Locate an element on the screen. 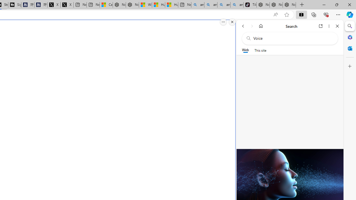 This screenshot has width=356, height=200. 'amazon - Search' is located at coordinates (210, 5).